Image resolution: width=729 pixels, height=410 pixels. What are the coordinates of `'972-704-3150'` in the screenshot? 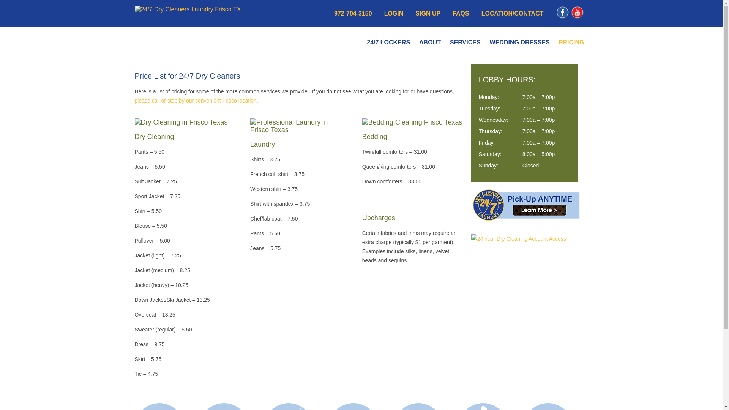 It's located at (353, 13).